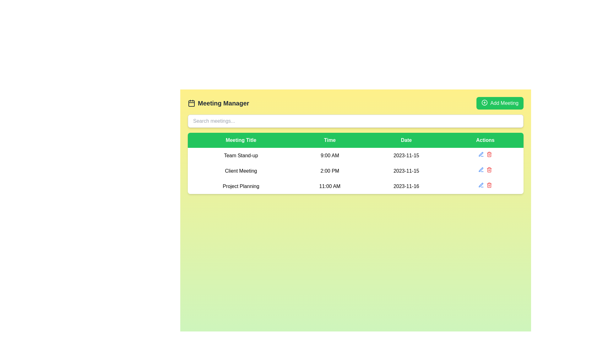  What do you see at coordinates (241, 140) in the screenshot?
I see `the 'Meeting Title' text element, which is the first column header in a table with a green background and white font` at bounding box center [241, 140].